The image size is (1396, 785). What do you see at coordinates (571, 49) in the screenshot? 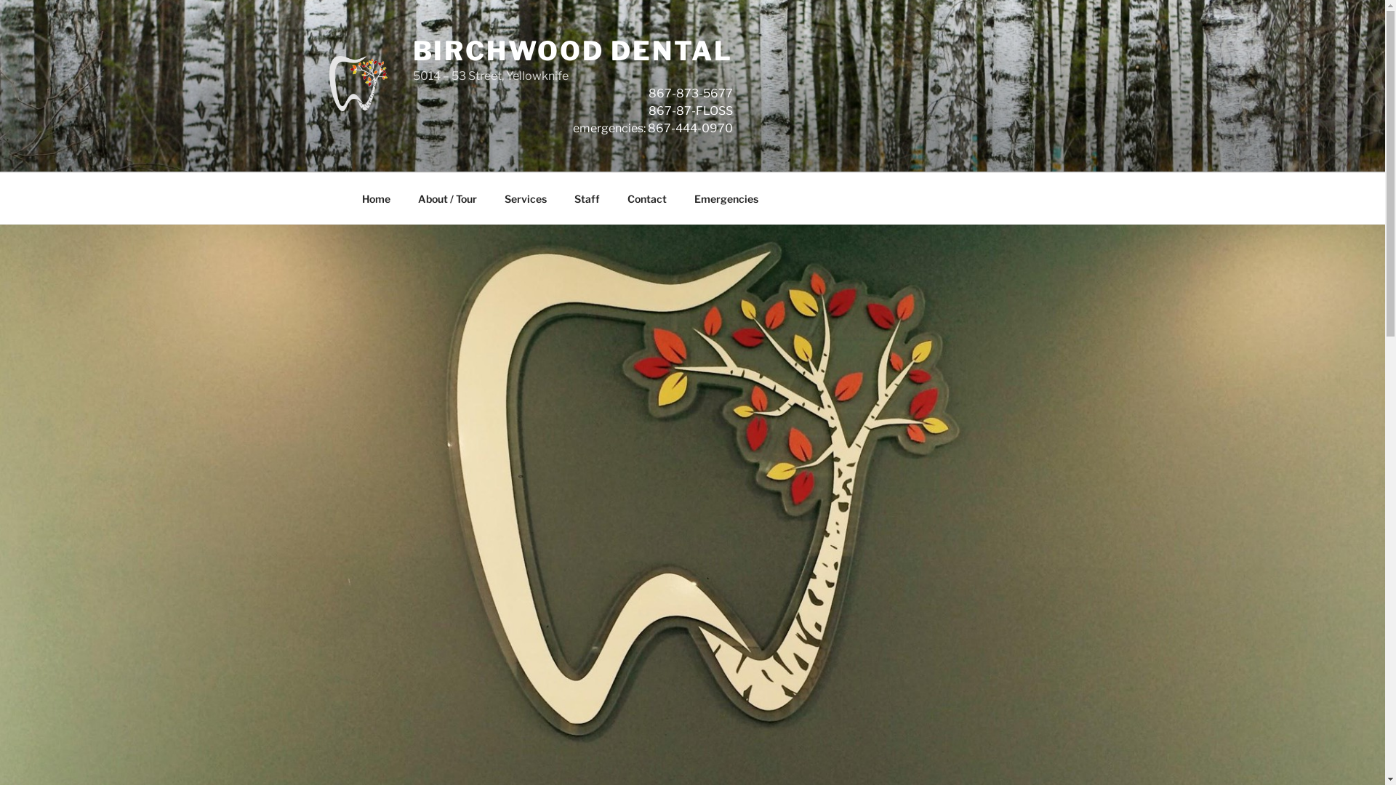
I see `'BIRCHWOOD DENTAL'` at bounding box center [571, 49].